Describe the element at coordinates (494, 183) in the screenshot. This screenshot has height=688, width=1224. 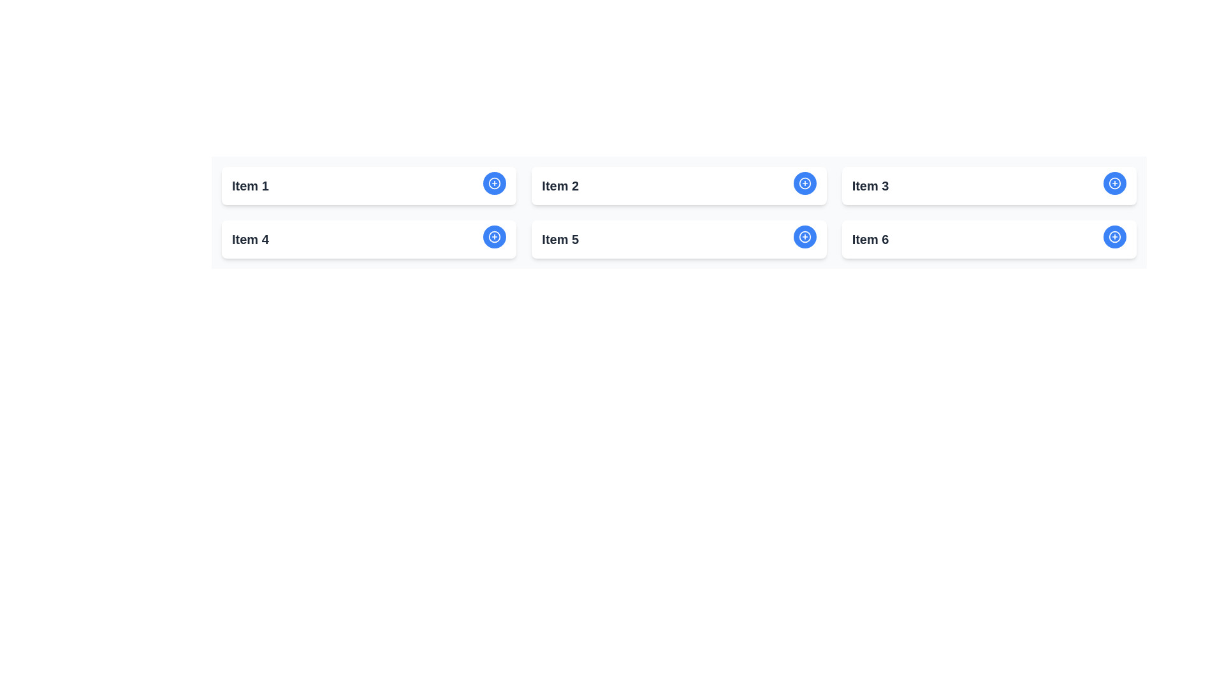
I see `the button located at the bottom-right corner of the card labeled 'Item 1' to perform an action related to this item` at that location.